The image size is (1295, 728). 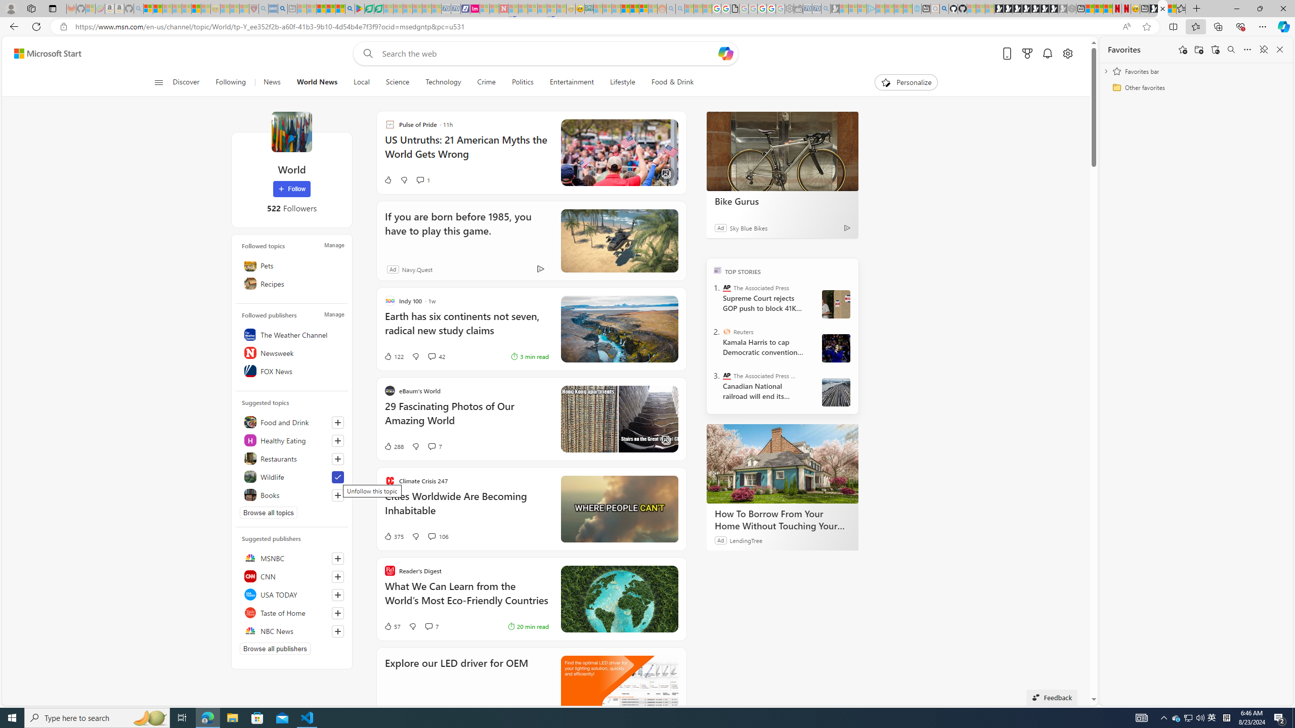 I want to click on 'eBaum', so click(x=530, y=418).